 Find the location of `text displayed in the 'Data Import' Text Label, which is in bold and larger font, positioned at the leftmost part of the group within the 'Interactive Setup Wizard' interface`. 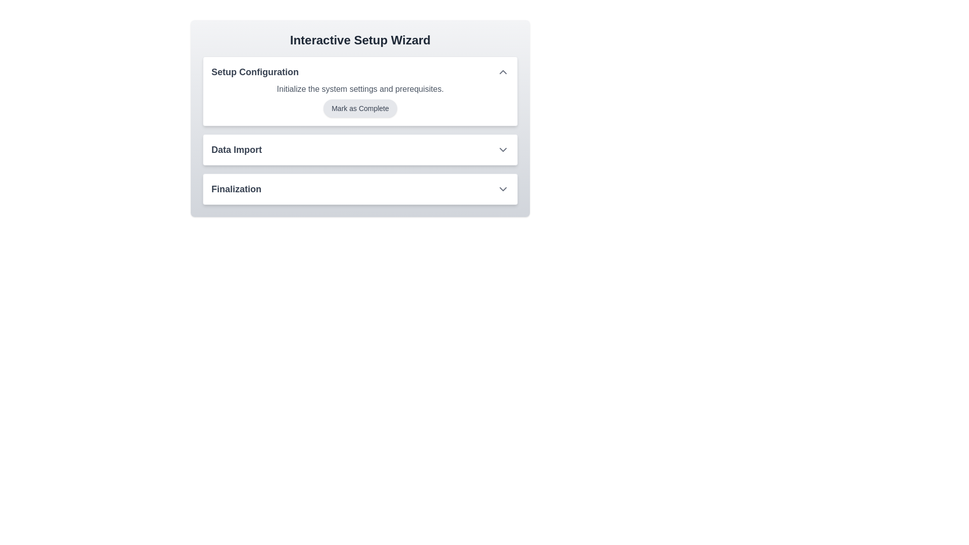

text displayed in the 'Data Import' Text Label, which is in bold and larger font, positioned at the leftmost part of the group within the 'Interactive Setup Wizard' interface is located at coordinates (236, 150).